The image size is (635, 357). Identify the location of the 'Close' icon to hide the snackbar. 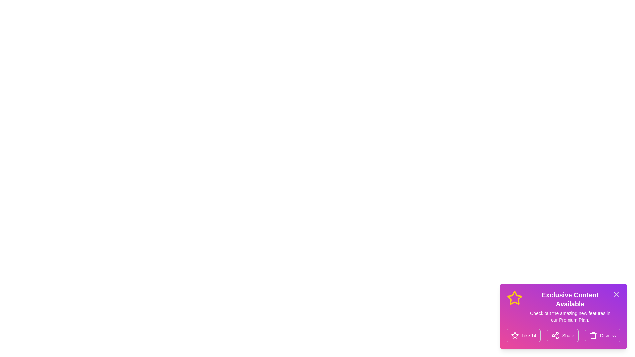
(616, 294).